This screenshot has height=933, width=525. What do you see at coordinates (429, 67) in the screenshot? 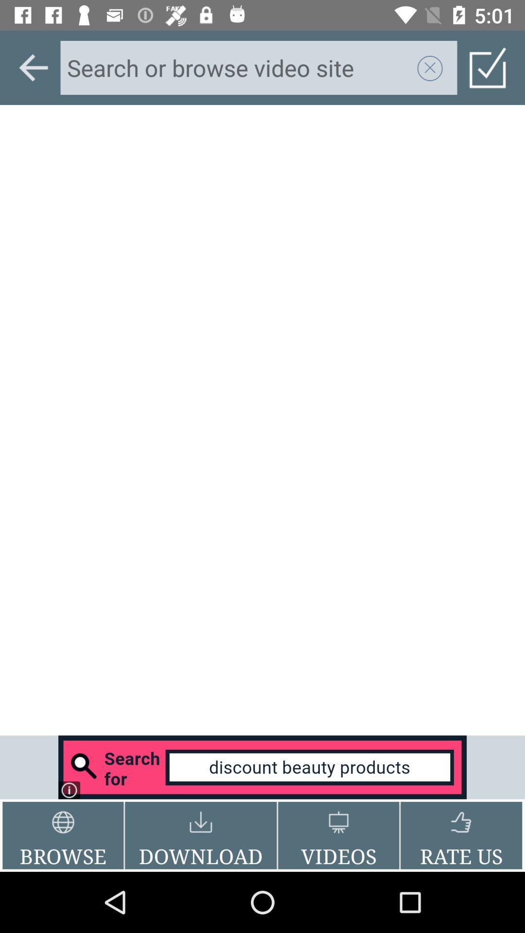
I see `the close icon` at bounding box center [429, 67].